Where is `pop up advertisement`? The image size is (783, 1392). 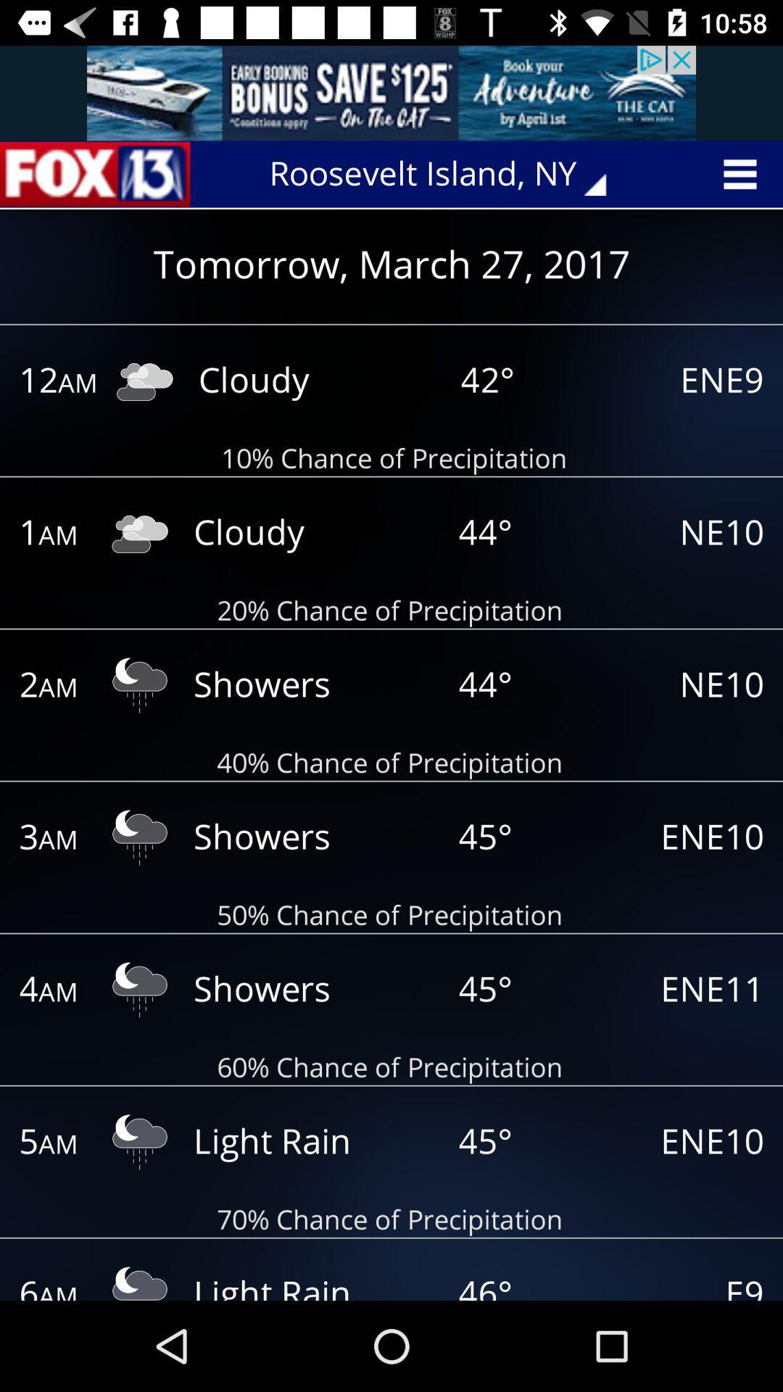 pop up advertisement is located at coordinates (391, 92).